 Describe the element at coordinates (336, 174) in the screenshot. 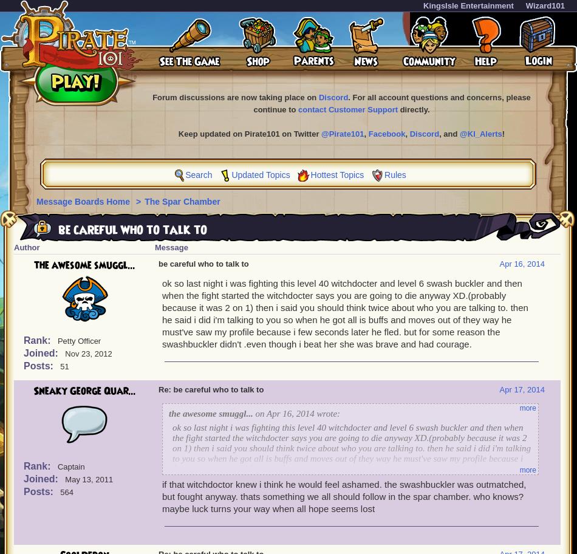

I see `'Hottest Topics'` at that location.